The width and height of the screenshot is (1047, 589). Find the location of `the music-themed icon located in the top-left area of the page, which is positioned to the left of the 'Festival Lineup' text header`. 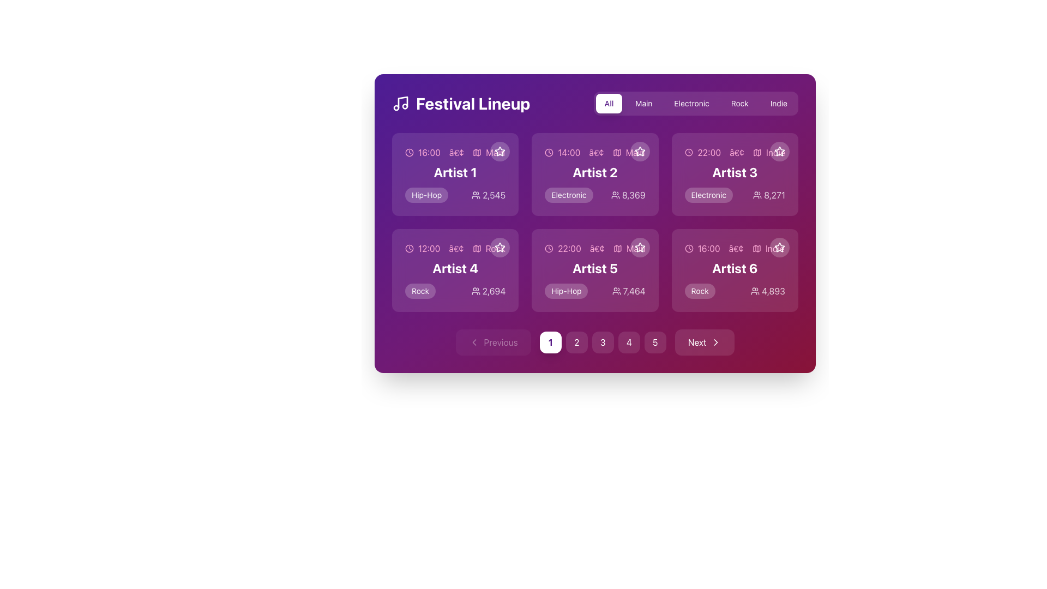

the music-themed icon located in the top-left area of the page, which is positioned to the left of the 'Festival Lineup' text header is located at coordinates (400, 103).